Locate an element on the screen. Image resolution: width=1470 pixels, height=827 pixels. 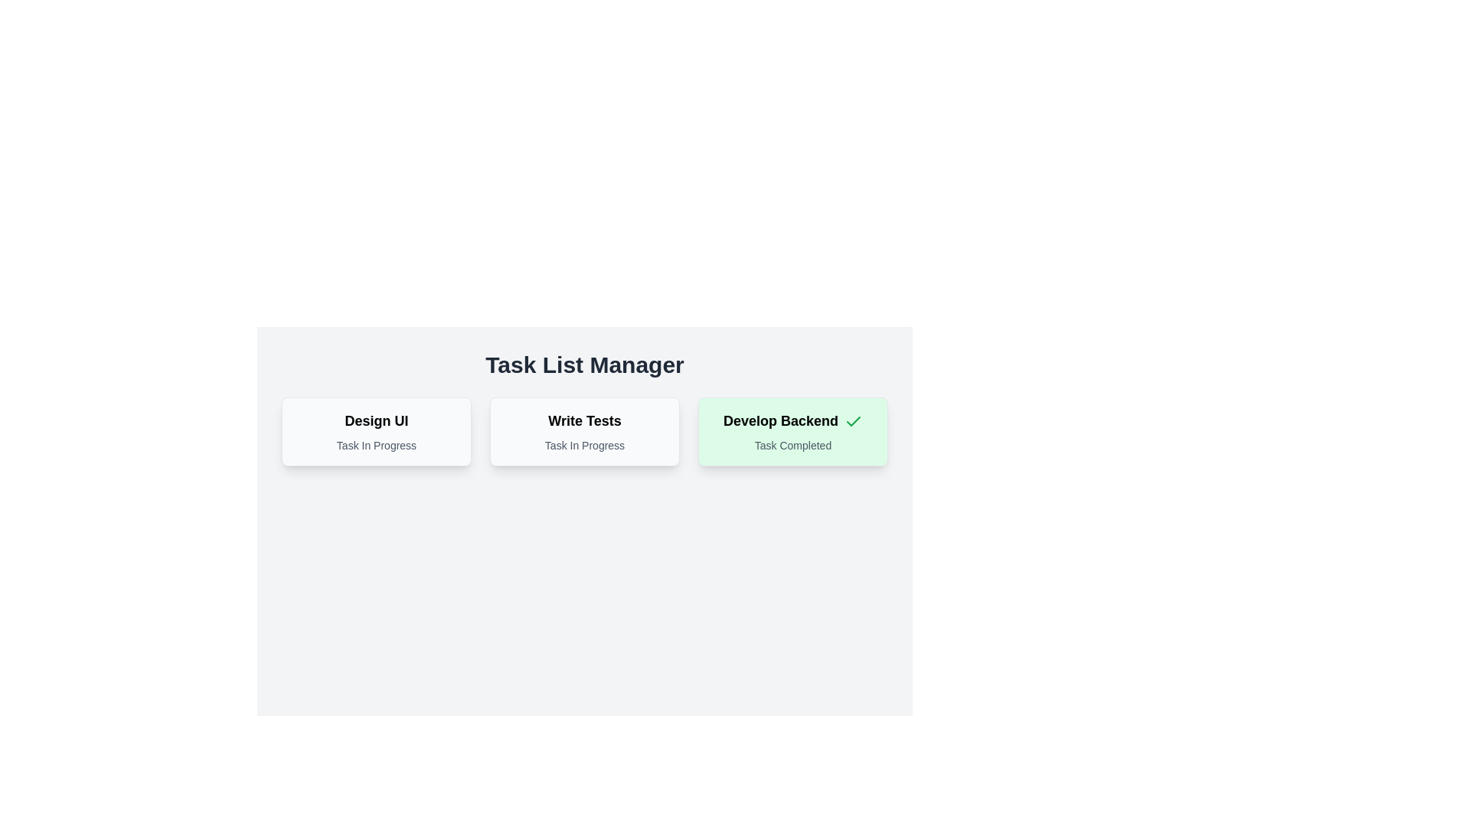
the 'Write Tests' text element, which is the primary heading of the middle card in a three-card layout, positioned above the 'Task In Progress' text is located at coordinates (583, 421).